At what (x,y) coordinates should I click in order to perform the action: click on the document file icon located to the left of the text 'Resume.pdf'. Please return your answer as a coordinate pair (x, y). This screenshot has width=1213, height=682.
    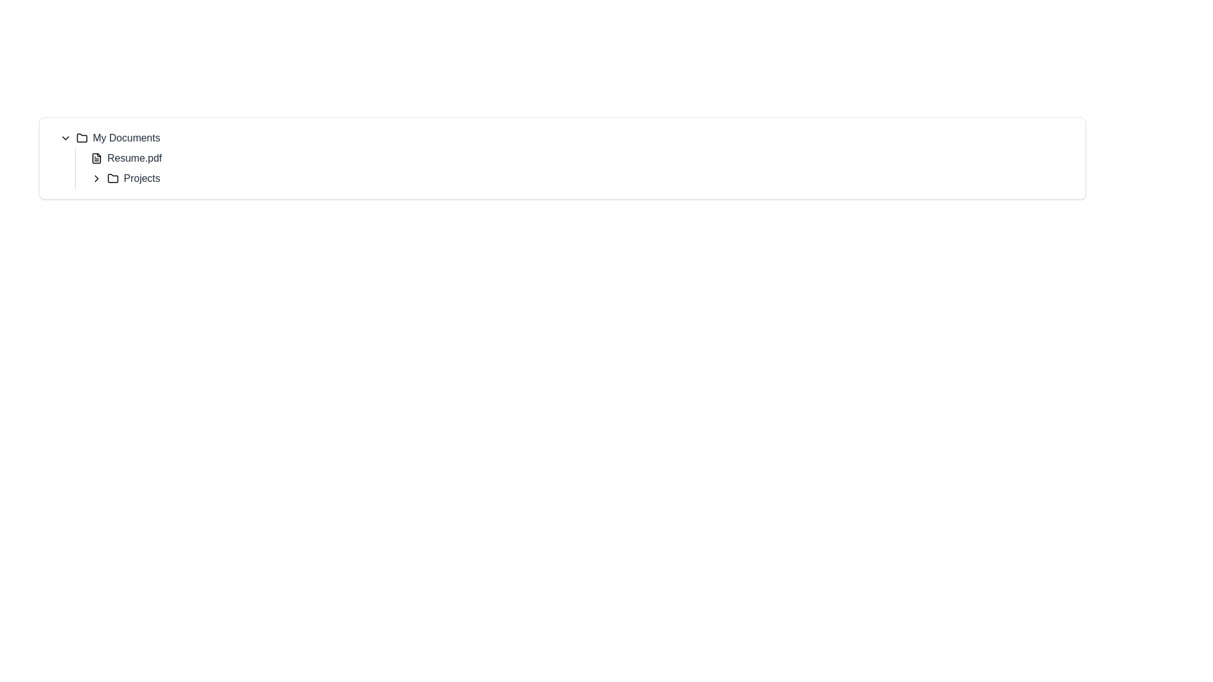
    Looking at the image, I should click on (96, 157).